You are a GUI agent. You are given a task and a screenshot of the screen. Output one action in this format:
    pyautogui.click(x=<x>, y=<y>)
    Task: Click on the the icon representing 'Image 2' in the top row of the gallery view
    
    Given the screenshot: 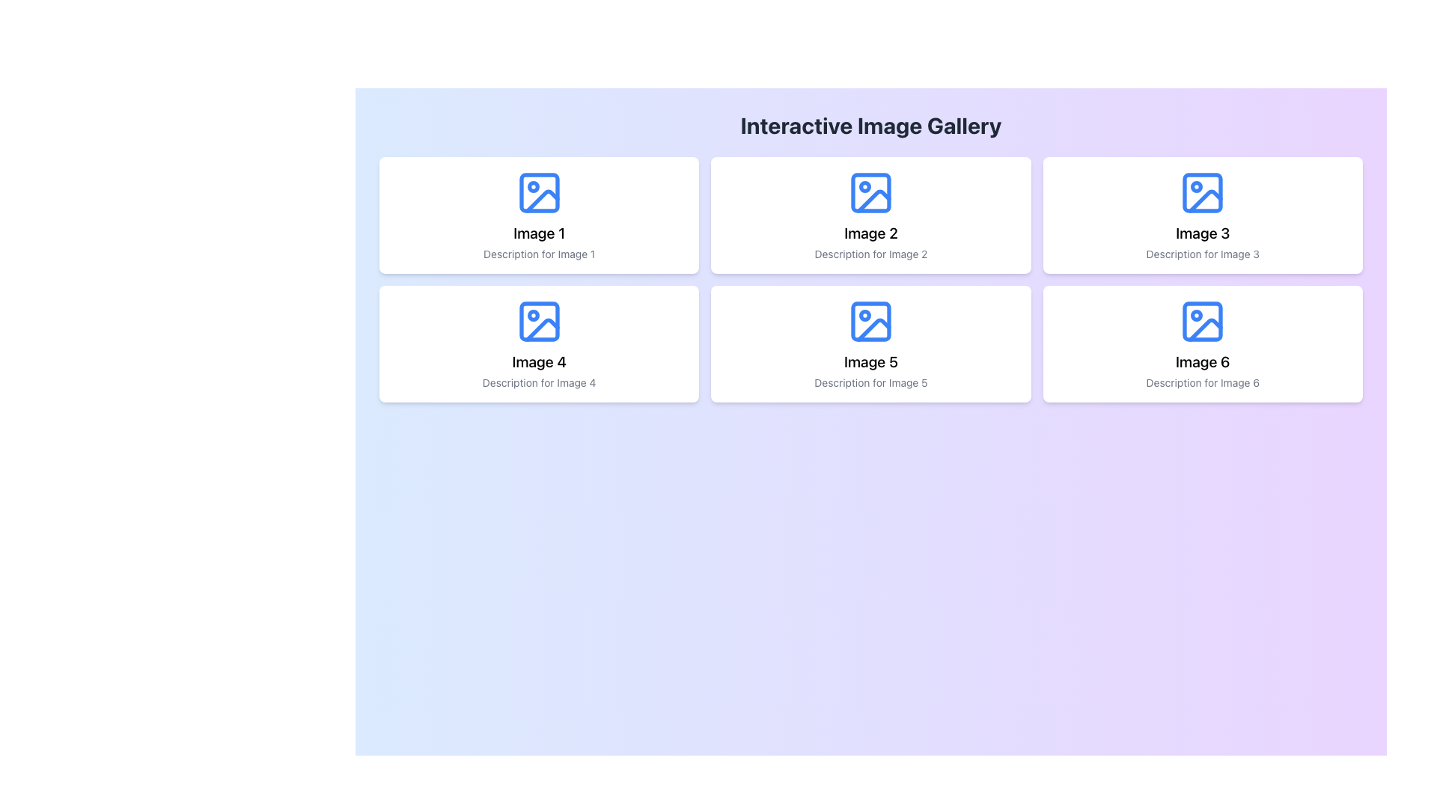 What is the action you would take?
    pyautogui.click(x=870, y=192)
    